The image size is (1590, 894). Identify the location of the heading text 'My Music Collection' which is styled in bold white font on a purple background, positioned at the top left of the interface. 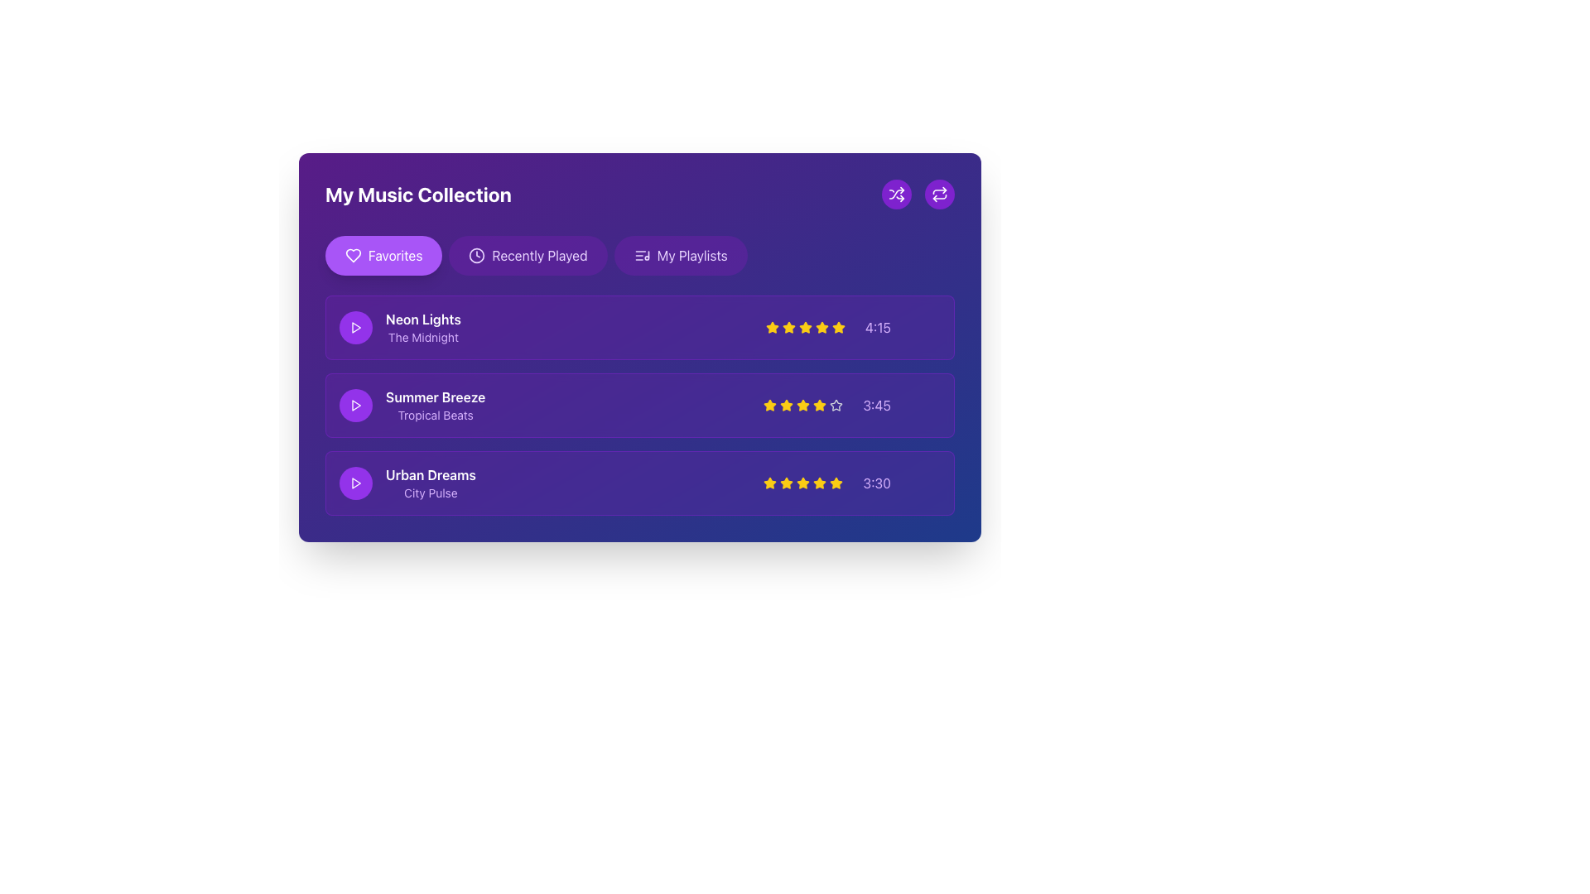
(418, 194).